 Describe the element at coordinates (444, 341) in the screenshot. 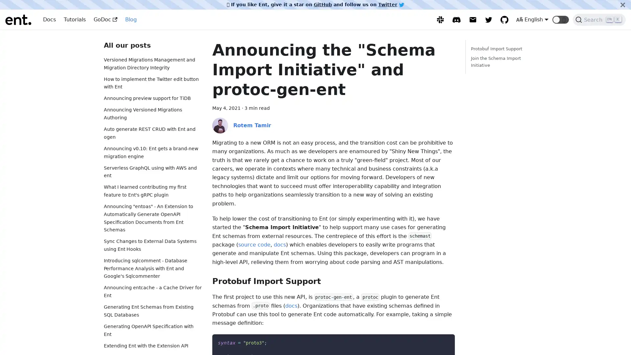

I see `Copy code to clipboard` at that location.